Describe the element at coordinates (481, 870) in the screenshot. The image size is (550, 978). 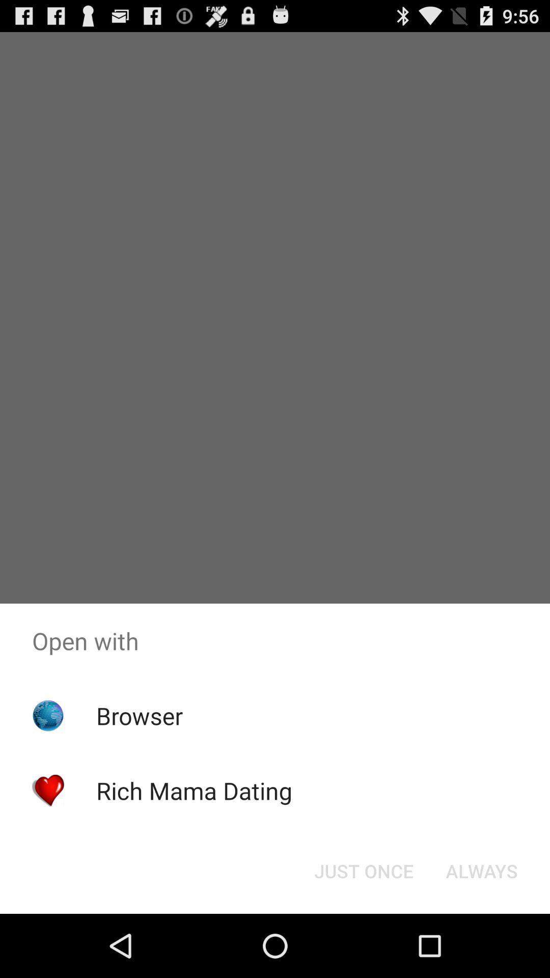
I see `the icon at the bottom right corner` at that location.